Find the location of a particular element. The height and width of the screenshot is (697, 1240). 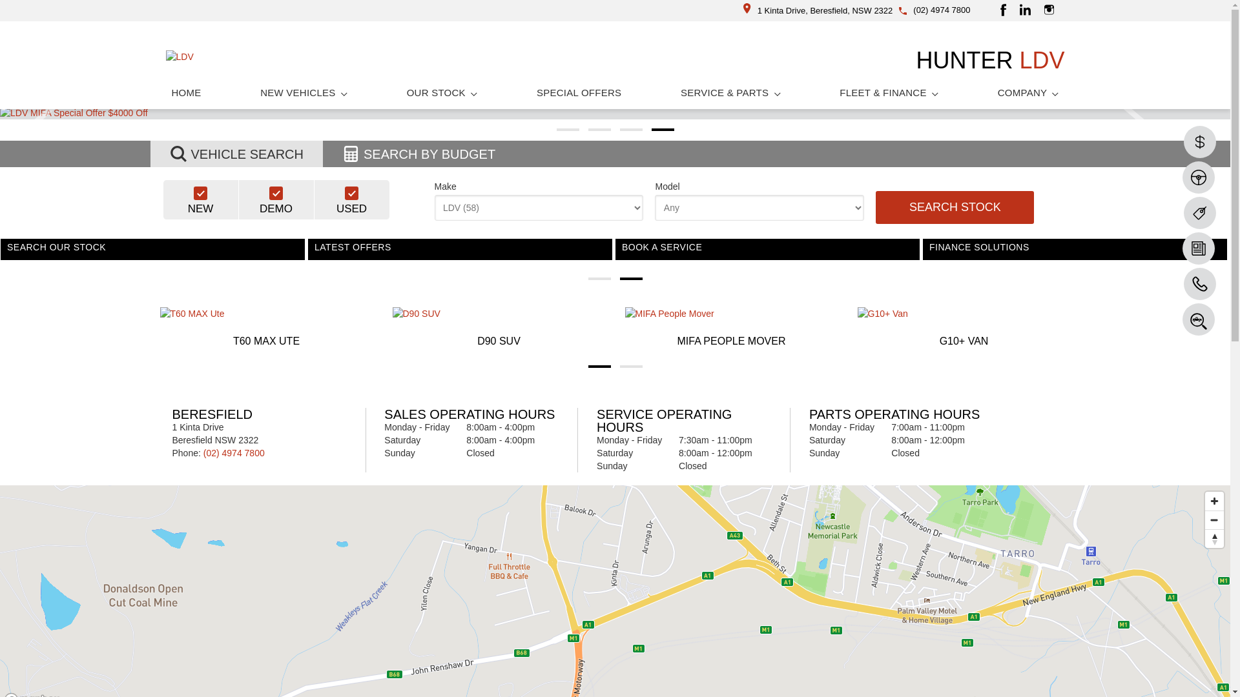

'(02) 4974 7800' is located at coordinates (234, 452).